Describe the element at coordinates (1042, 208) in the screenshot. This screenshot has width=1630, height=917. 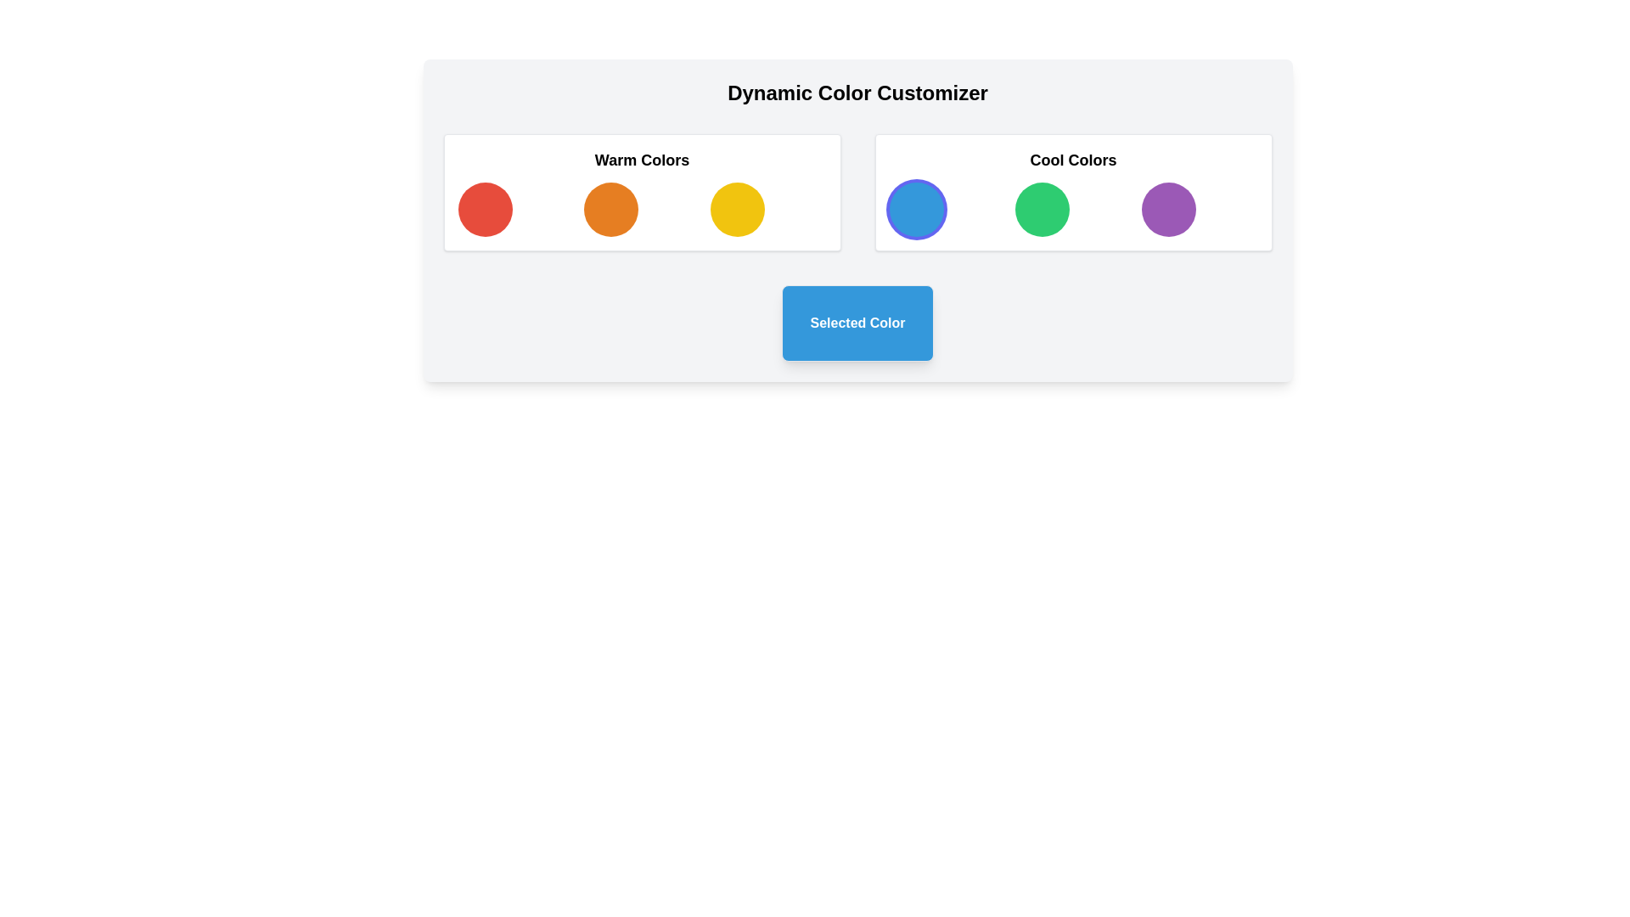
I see `the second circular button in the 'Cool Colors' section` at that location.